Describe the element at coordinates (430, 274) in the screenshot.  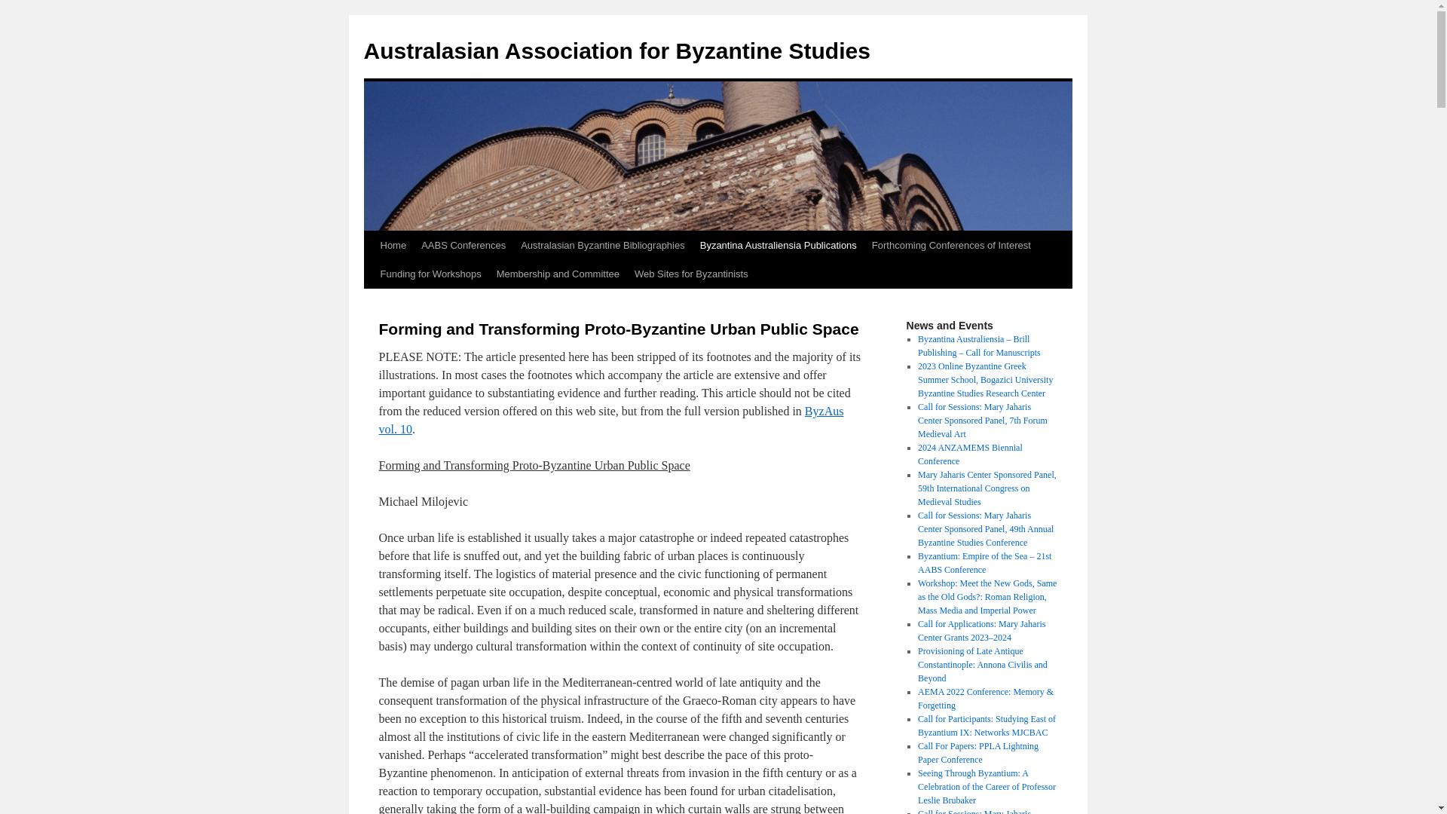
I see `'Funding for Workshops'` at that location.